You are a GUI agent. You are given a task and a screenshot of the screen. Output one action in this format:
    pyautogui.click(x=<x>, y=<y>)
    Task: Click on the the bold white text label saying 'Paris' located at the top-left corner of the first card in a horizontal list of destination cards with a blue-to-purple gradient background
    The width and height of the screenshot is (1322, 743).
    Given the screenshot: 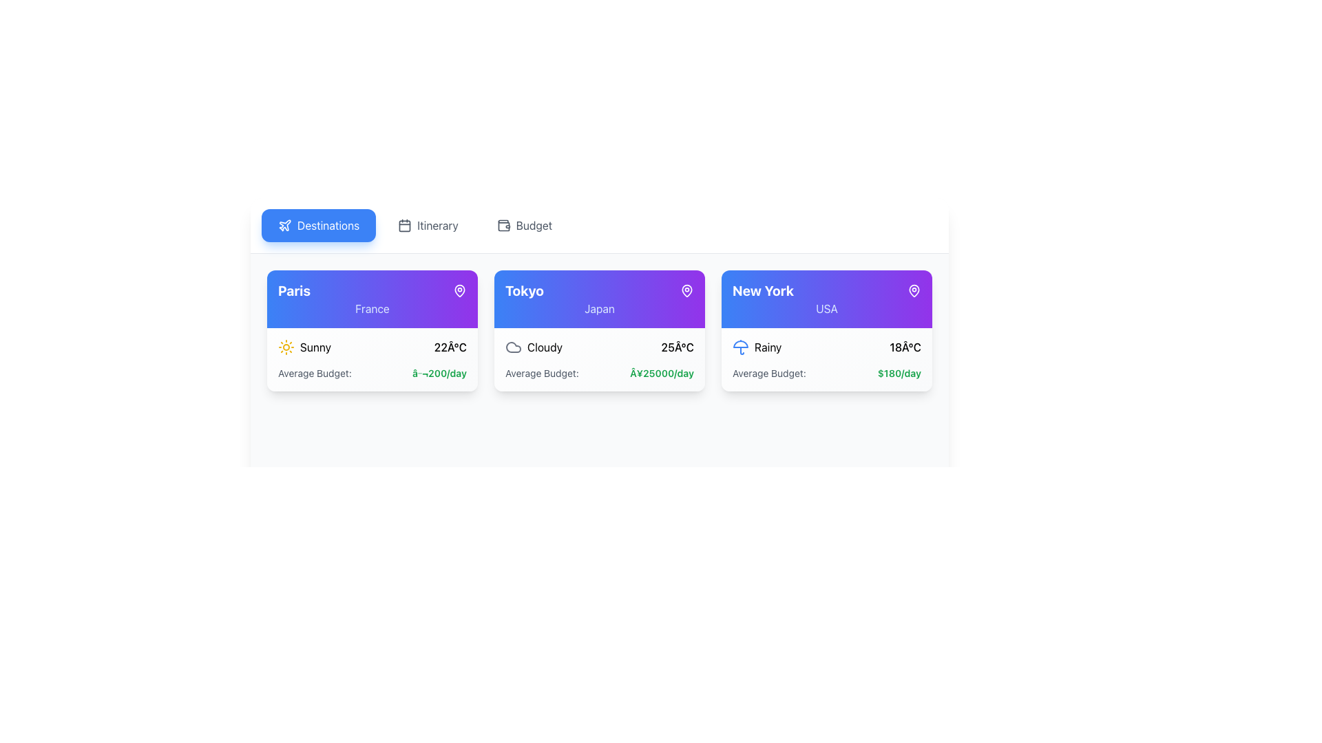 What is the action you would take?
    pyautogui.click(x=293, y=290)
    